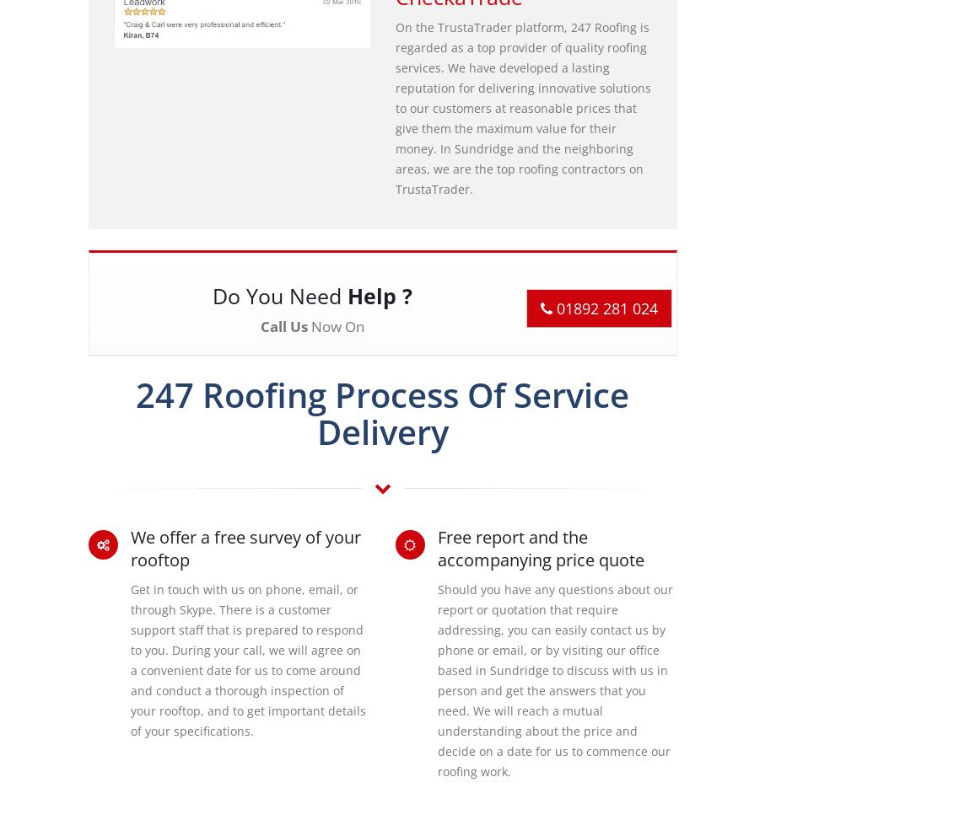 This screenshot has height=820, width=970. Describe the element at coordinates (382, 412) in the screenshot. I see `'247 Roofing Process of Service Delivery'` at that location.